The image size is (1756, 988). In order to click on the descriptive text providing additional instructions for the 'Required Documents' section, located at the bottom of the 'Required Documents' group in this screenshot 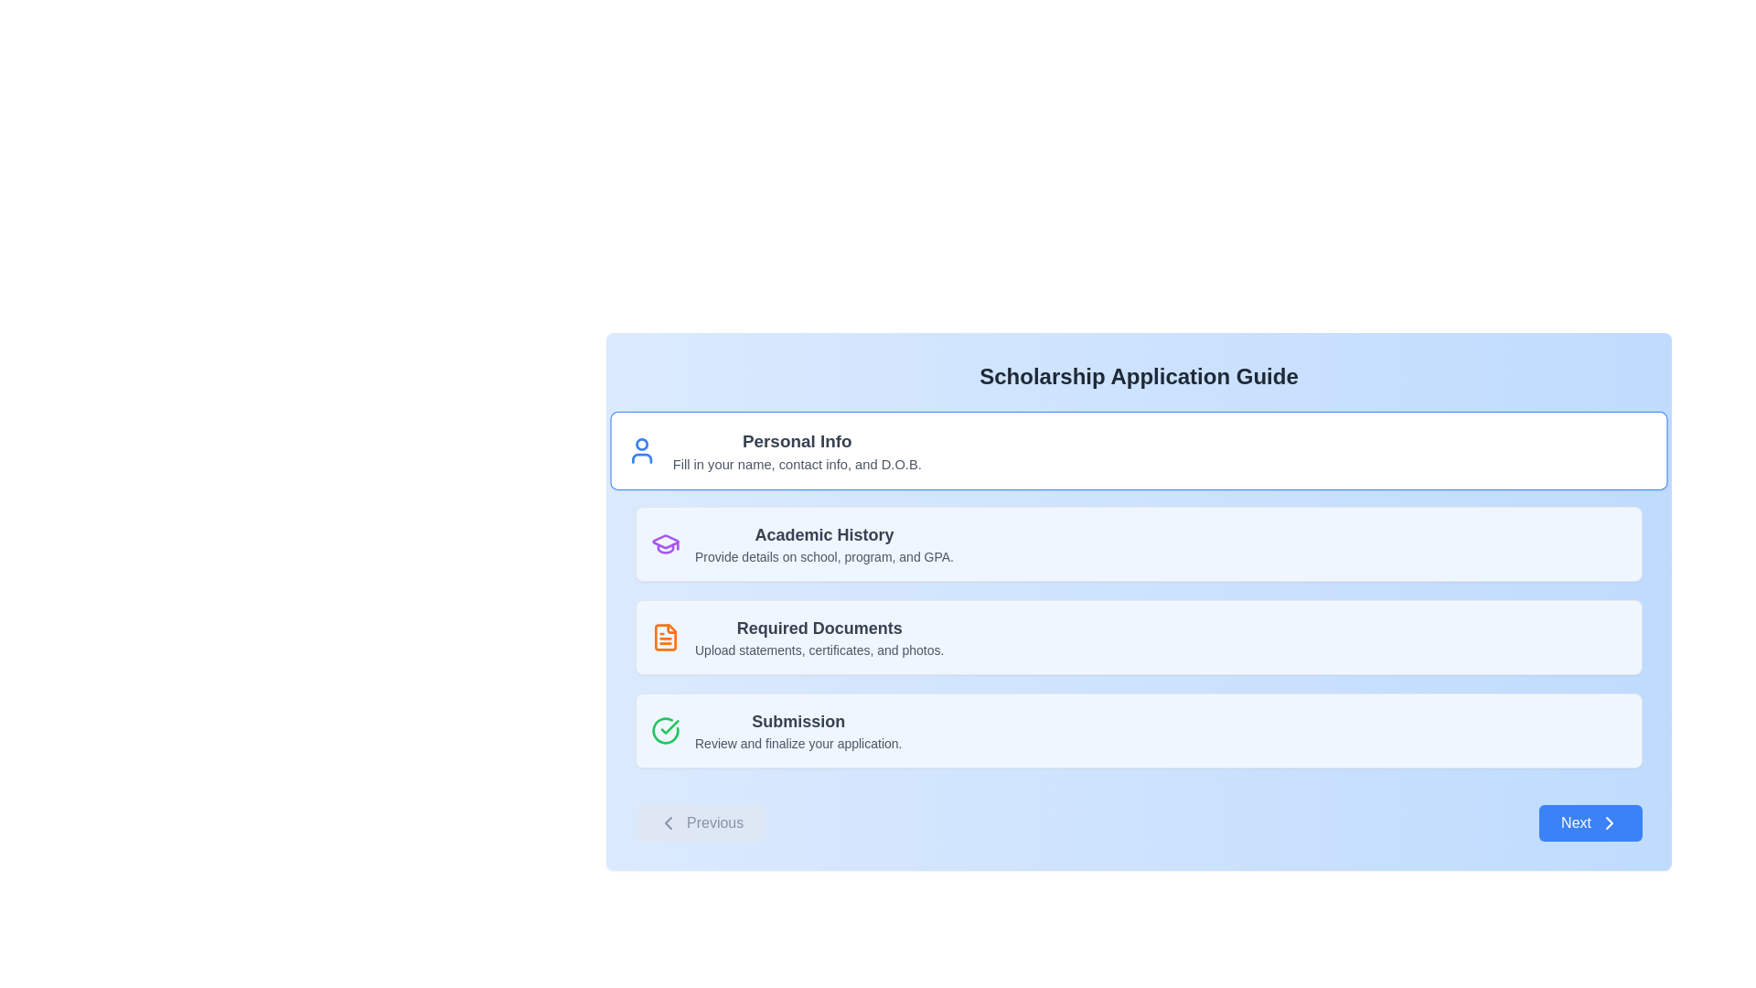, I will do `click(819, 649)`.